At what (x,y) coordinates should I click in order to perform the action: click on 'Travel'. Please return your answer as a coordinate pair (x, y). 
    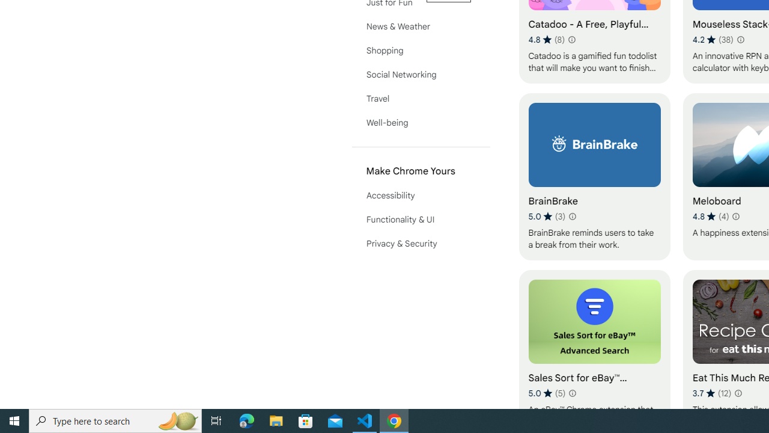
    Looking at the image, I should click on (421, 98).